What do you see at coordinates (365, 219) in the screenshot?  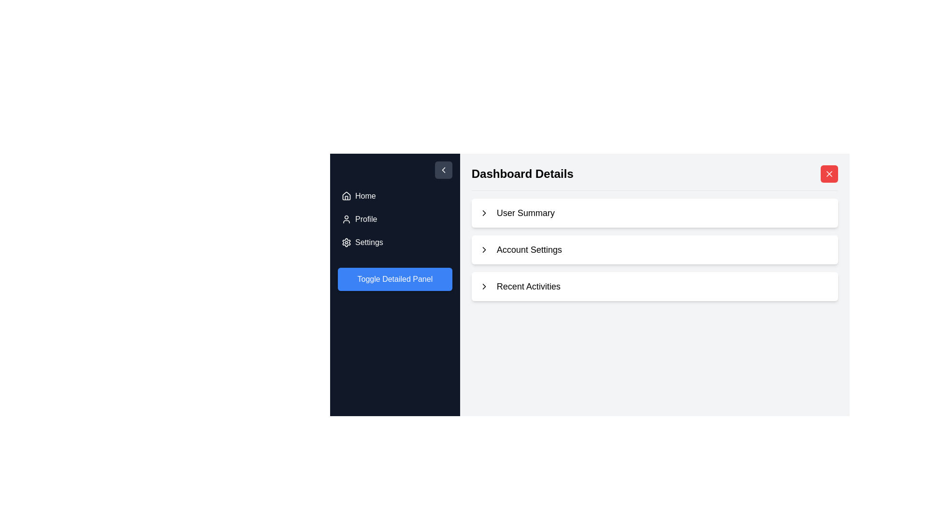 I see `the 'Profile' text label, which is displayed in white on a dark background` at bounding box center [365, 219].